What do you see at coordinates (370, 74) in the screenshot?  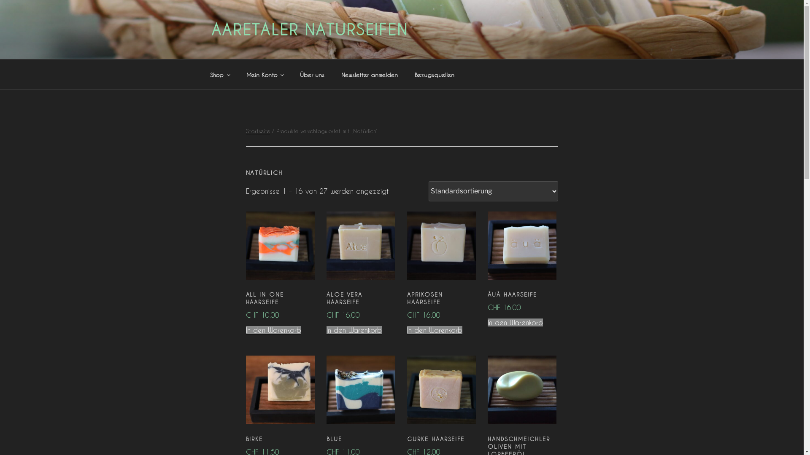 I see `'Newsletter anmelden'` at bounding box center [370, 74].